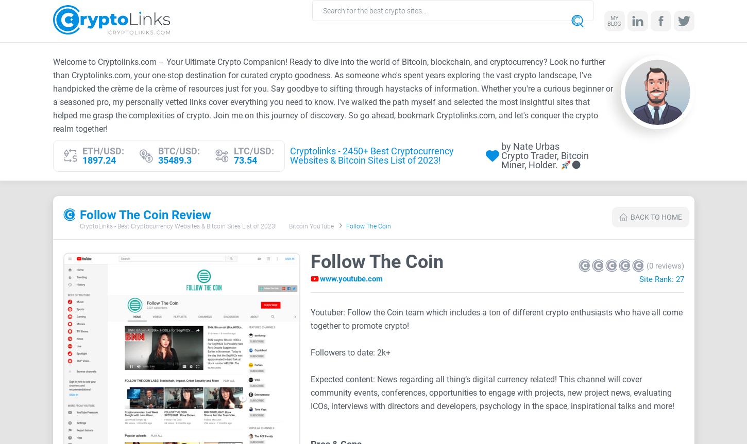 This screenshot has width=747, height=444. Describe the element at coordinates (614, 20) in the screenshot. I see `'My blog'` at that location.